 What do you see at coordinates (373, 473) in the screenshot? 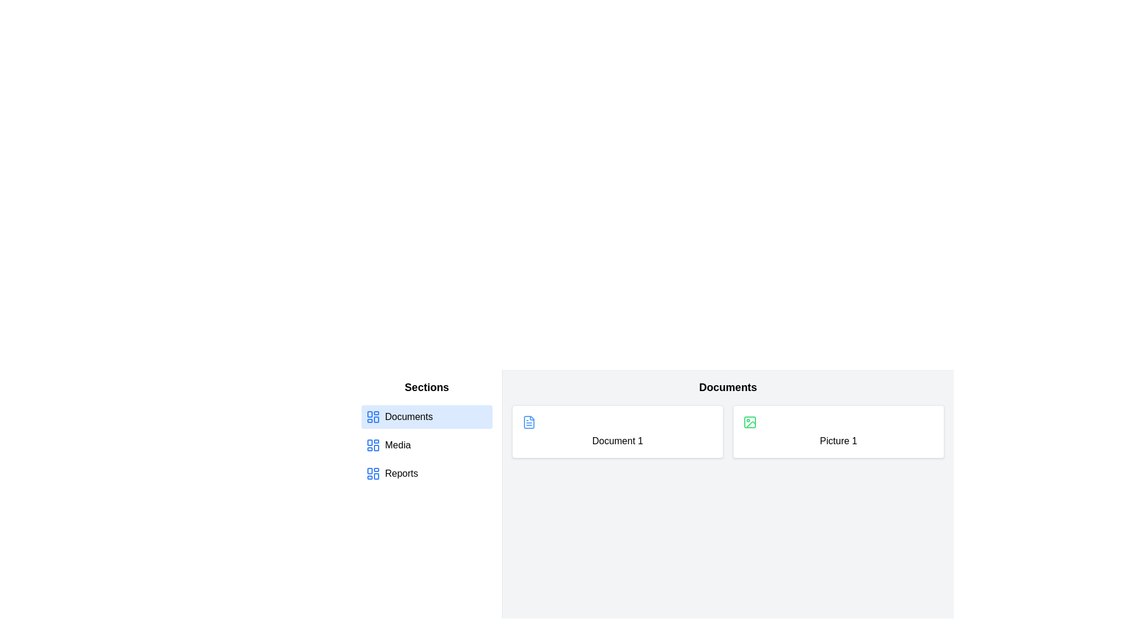
I see `icon in the 'Reports' section of the sidebar, which is represented by a blue grid-like dashboard layout adjacent to the 'Reports' text label` at bounding box center [373, 473].